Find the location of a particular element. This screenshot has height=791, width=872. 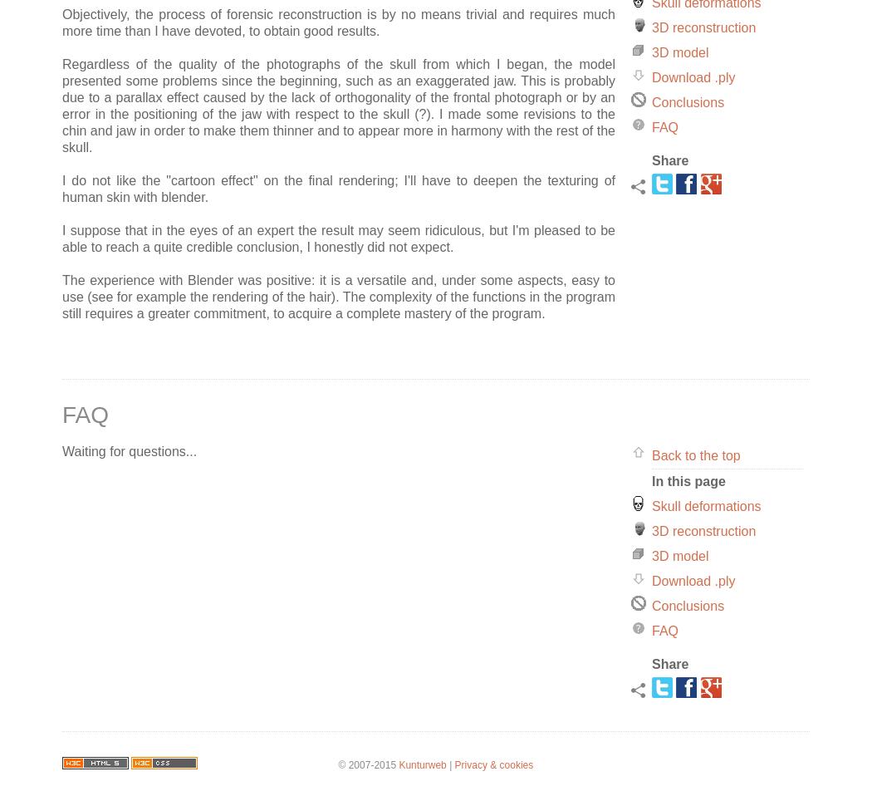

'I suppose that in the eyes of an expert the result may seem 
	ridiculous, but I'm pleased to be able to reach a quite 
	credible conclusion, I honestly did not expect.' is located at coordinates (339, 238).